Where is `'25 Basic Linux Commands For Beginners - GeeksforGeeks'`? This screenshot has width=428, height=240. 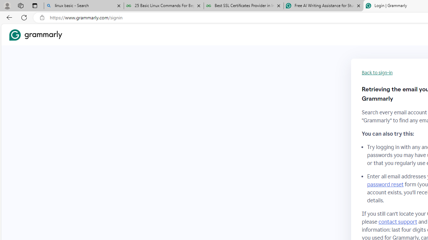
'25 Basic Linux Commands For Beginners - GeeksforGeeks' is located at coordinates (164, 6).